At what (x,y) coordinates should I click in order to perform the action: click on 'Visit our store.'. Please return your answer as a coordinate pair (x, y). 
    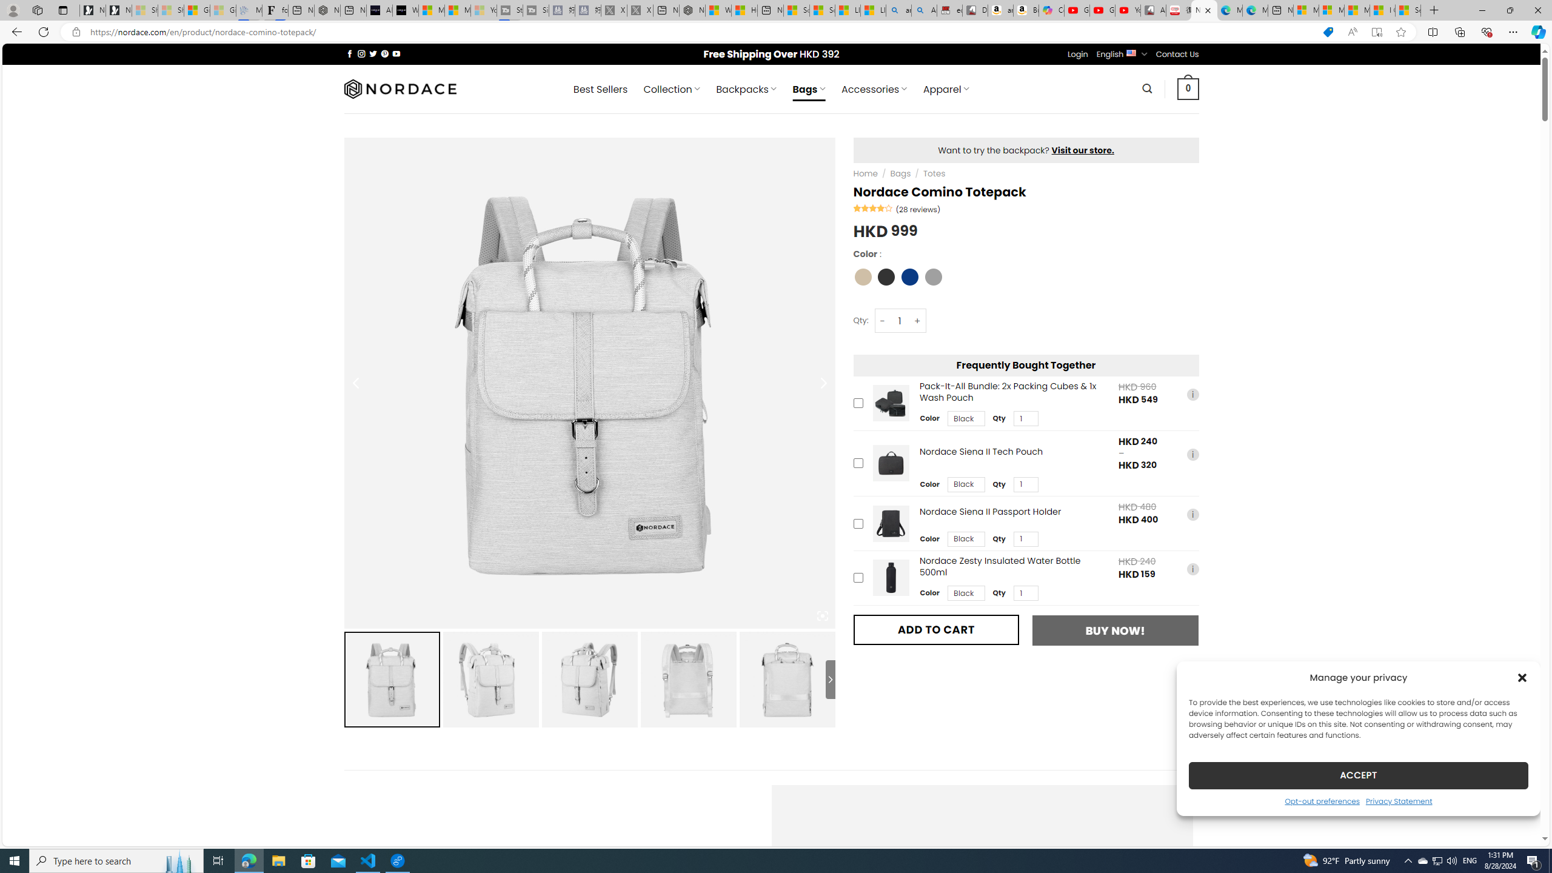
    Looking at the image, I should click on (1082, 149).